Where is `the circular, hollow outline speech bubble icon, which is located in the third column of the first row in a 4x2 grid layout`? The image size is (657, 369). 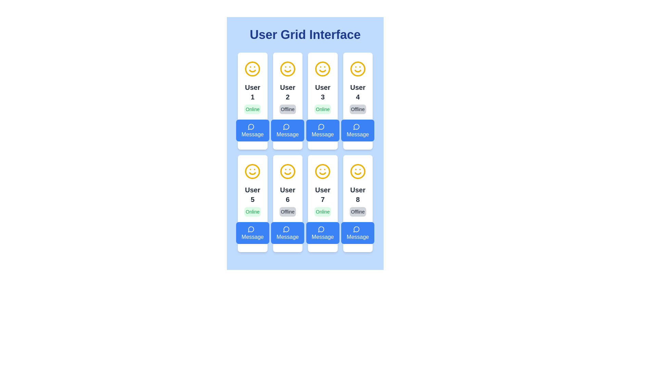
the circular, hollow outline speech bubble icon, which is located in the third column of the first row in a 4x2 grid layout is located at coordinates (321, 127).